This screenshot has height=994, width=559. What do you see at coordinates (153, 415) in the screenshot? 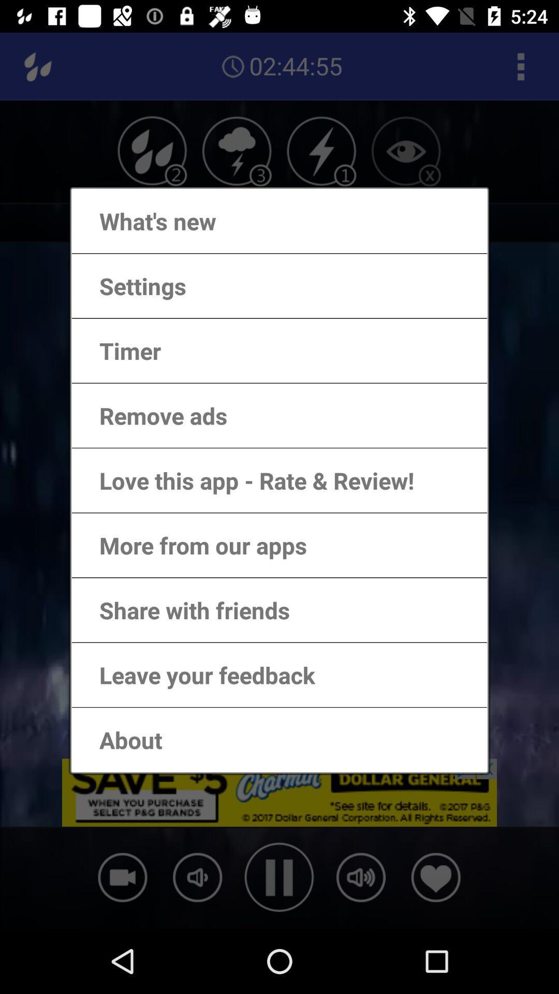
I see `the remove ads item` at bounding box center [153, 415].